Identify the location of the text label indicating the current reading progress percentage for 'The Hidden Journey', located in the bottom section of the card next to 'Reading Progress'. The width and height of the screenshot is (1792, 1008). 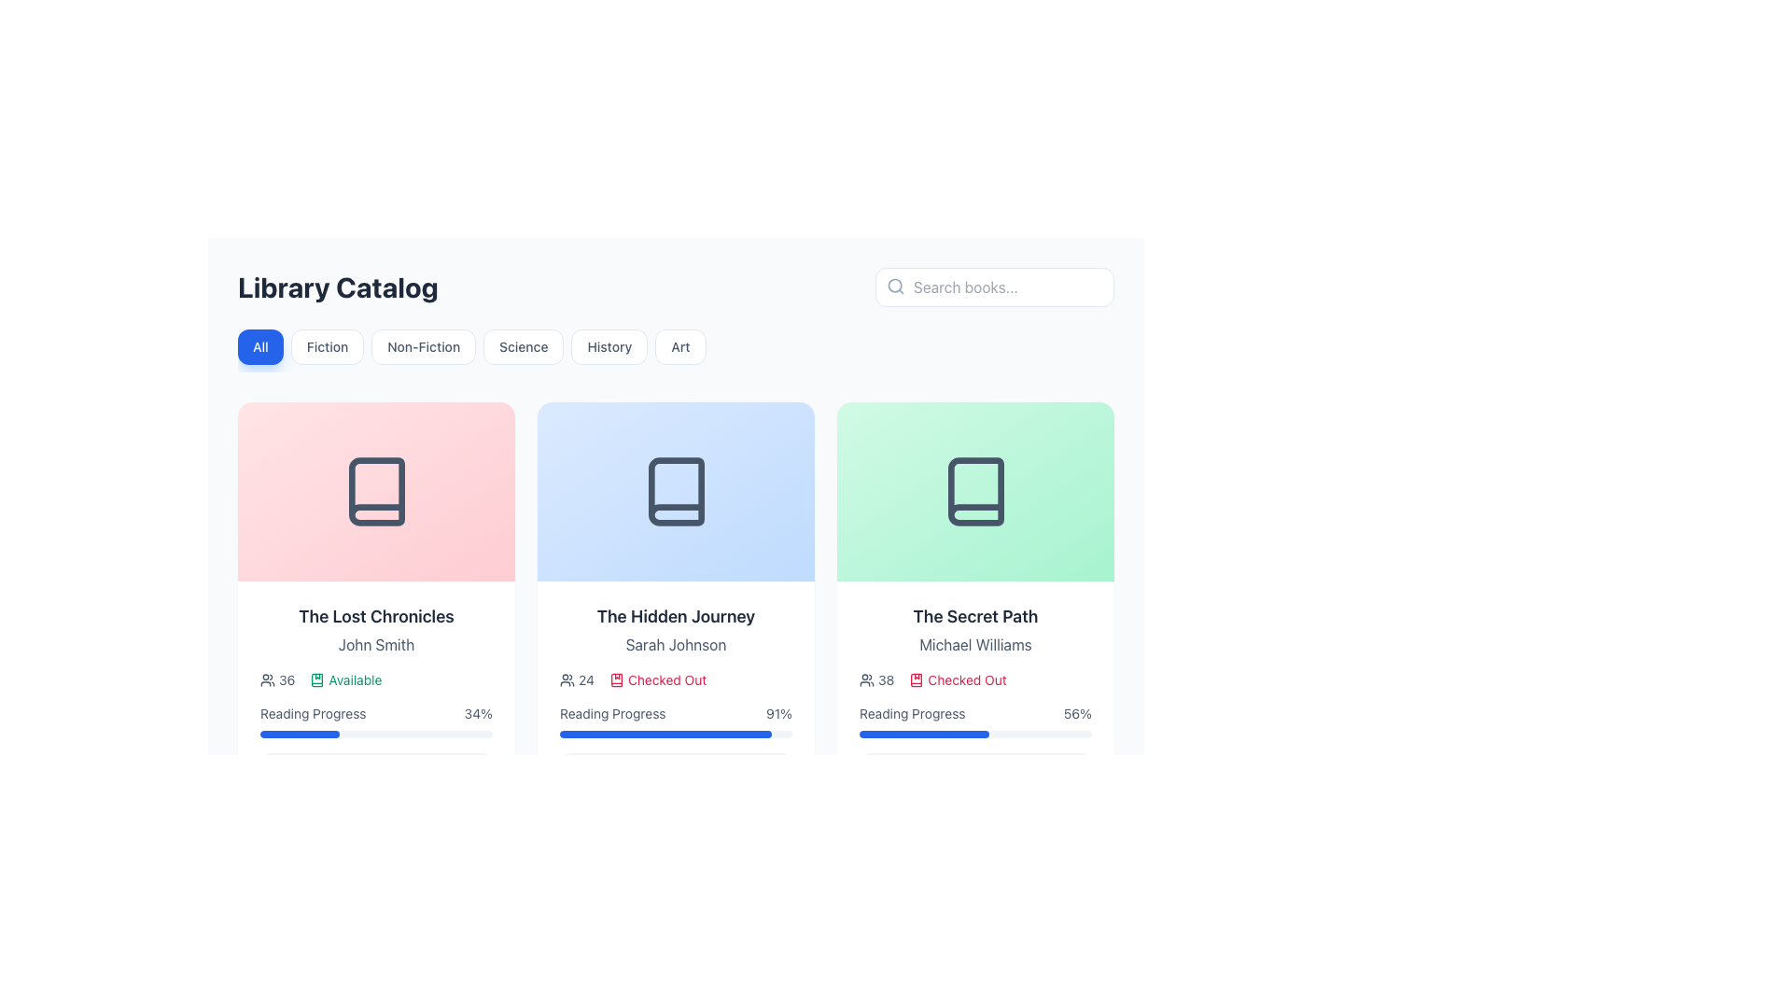
(779, 713).